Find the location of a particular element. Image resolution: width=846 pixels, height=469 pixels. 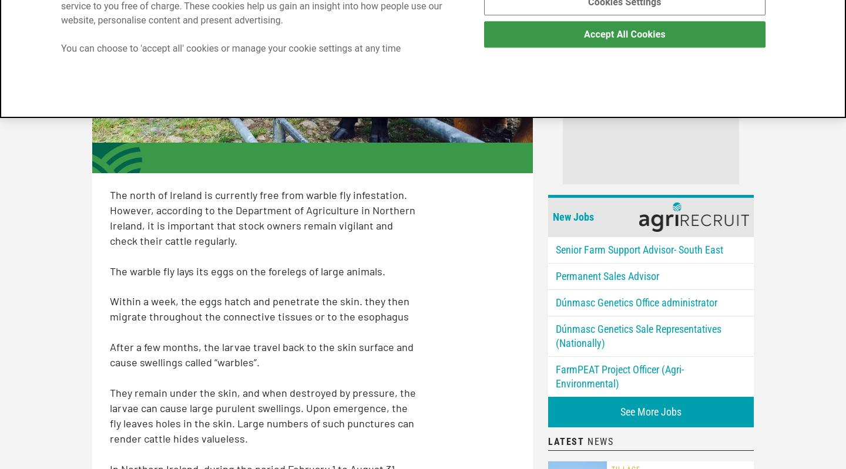

'They remain under the skin, and when destroyed by pressure, the larvae can cause large purulent swellings. Upon emergence, the fly leaves holes in the skin. Large numbers of such punctures can render cattle hides valueless.' is located at coordinates (263, 415).